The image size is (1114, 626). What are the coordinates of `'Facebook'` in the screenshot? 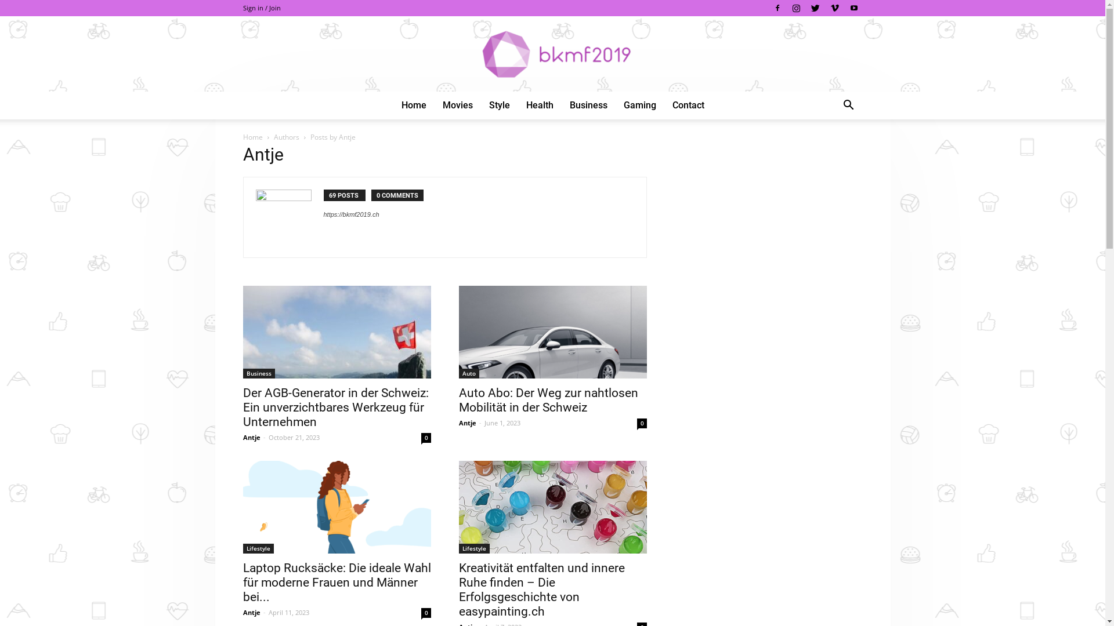 It's located at (777, 8).